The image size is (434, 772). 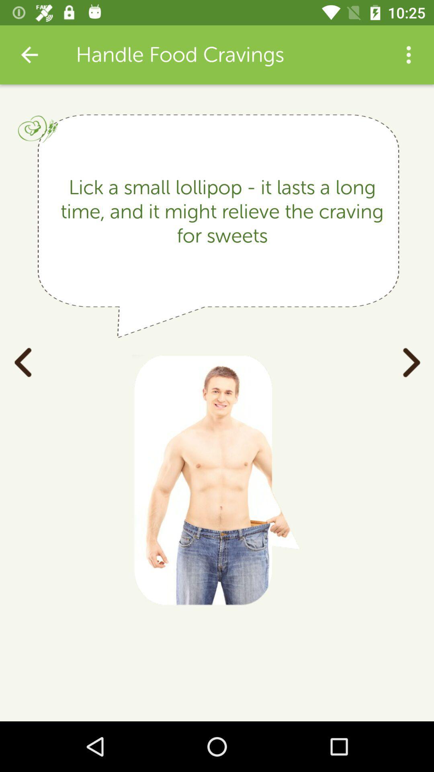 I want to click on the item next to handle food cravings item, so click(x=29, y=54).